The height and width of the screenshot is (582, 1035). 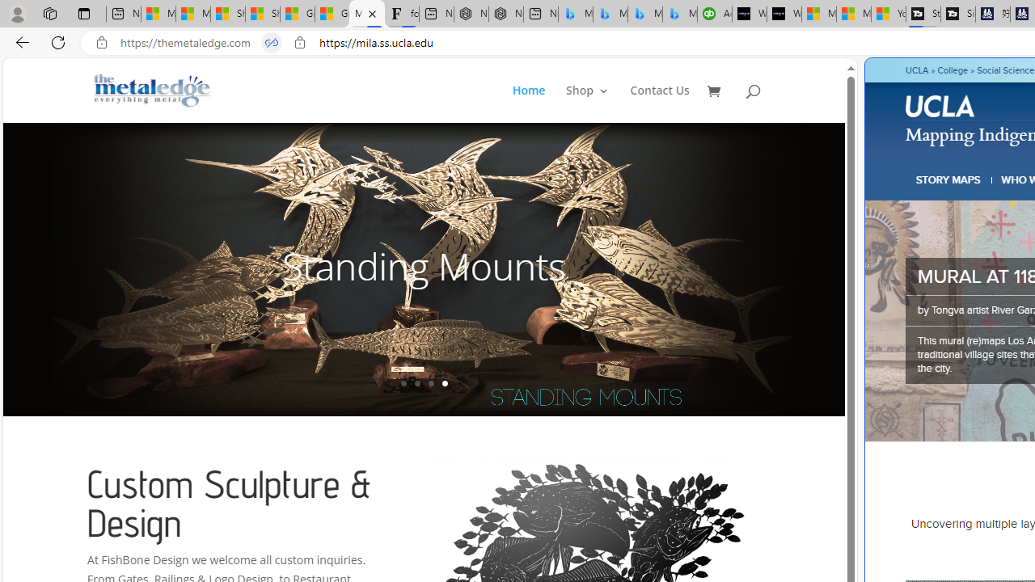 I want to click on 'Microsoft Start Sports', so click(x=819, y=14).